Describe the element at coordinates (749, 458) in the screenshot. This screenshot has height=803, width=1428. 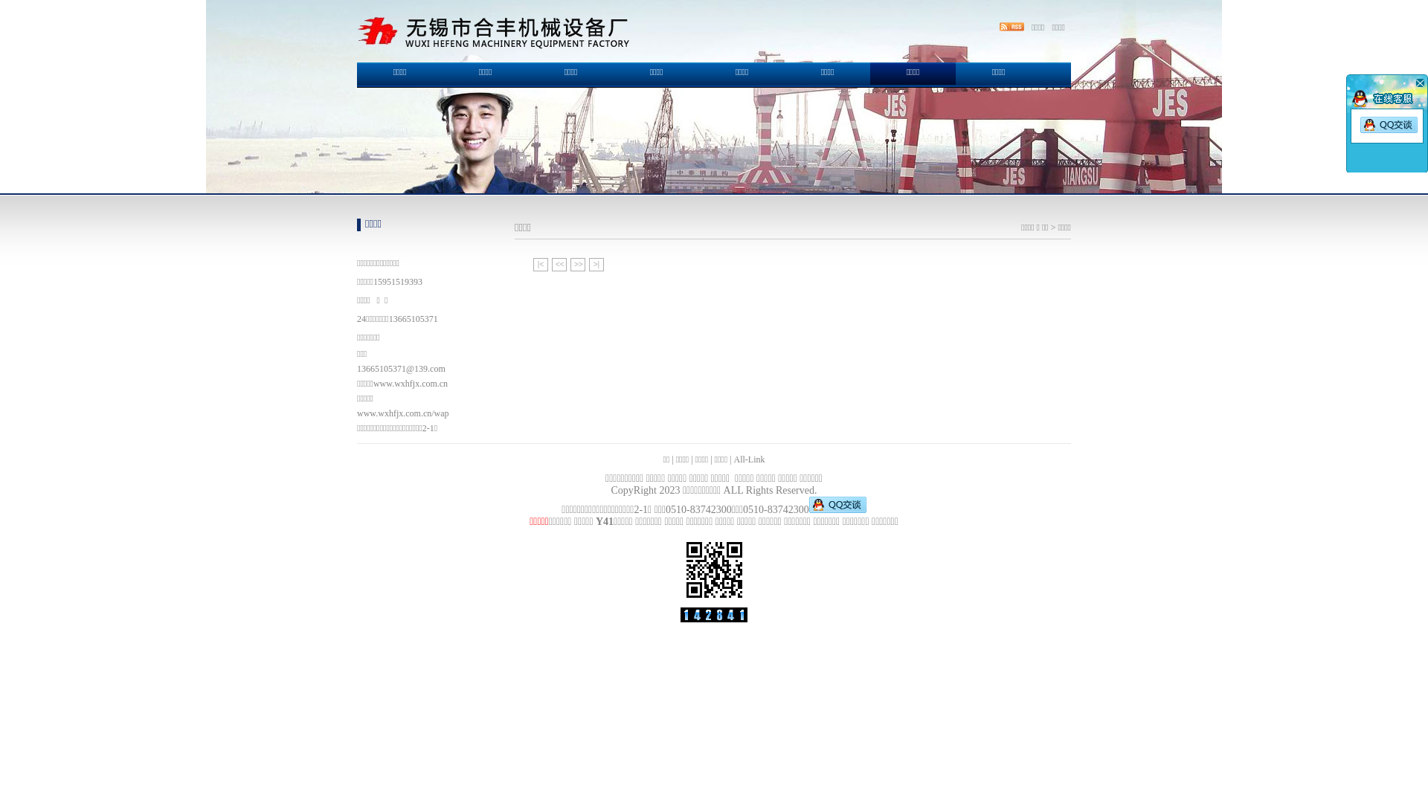
I see `'All-Link'` at that location.